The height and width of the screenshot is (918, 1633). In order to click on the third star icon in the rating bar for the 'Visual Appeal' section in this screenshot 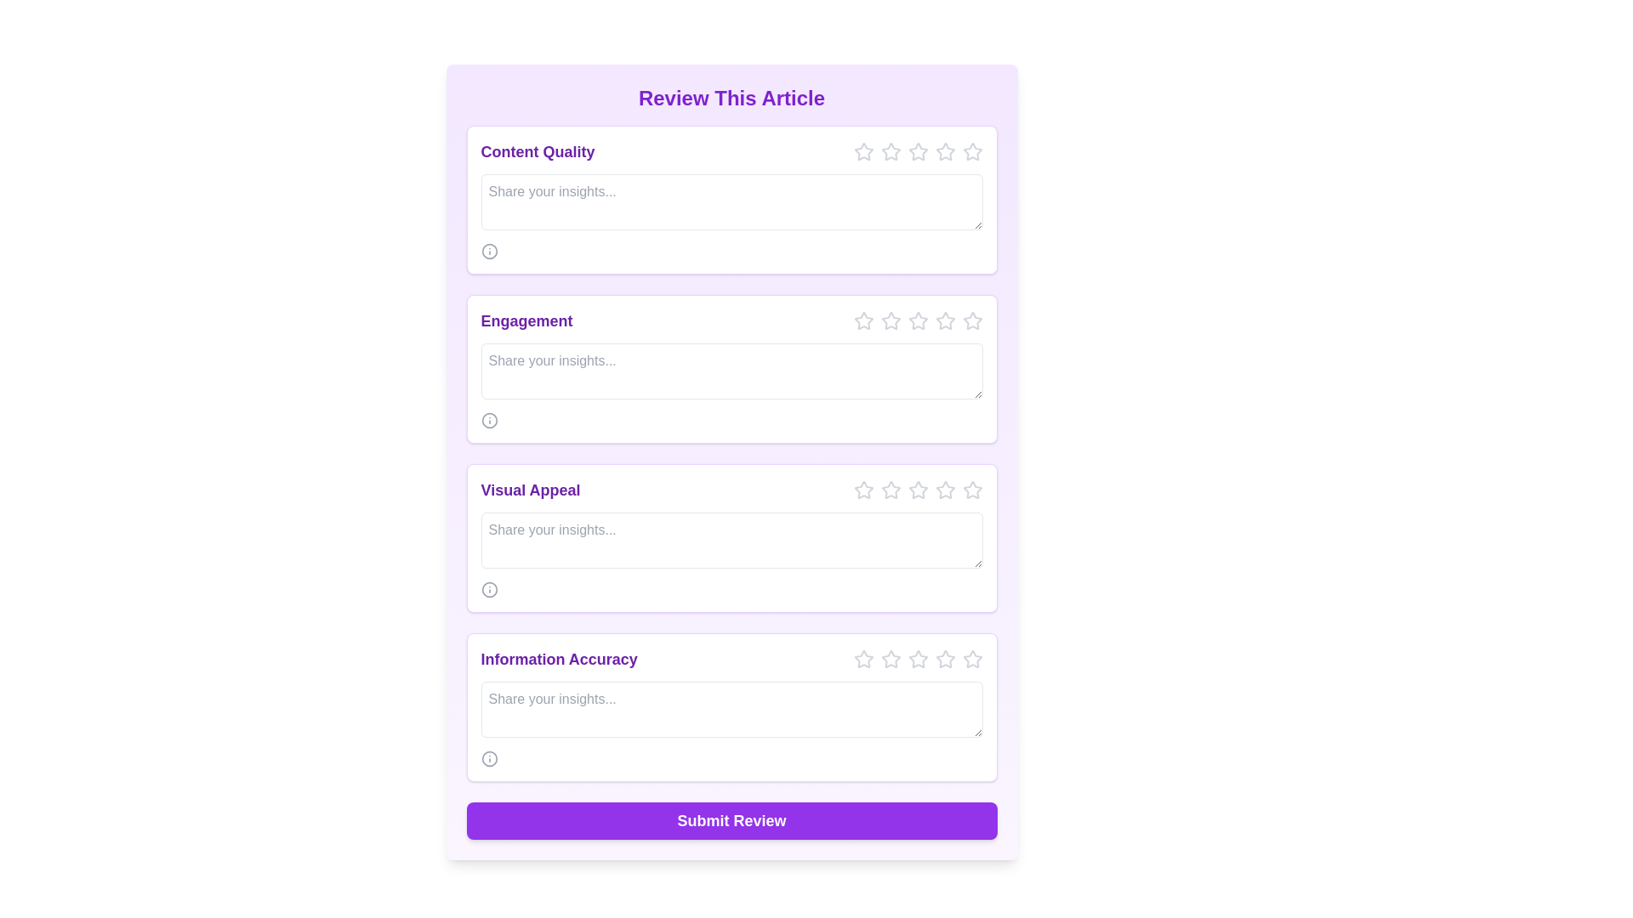, I will do `click(917, 490)`.